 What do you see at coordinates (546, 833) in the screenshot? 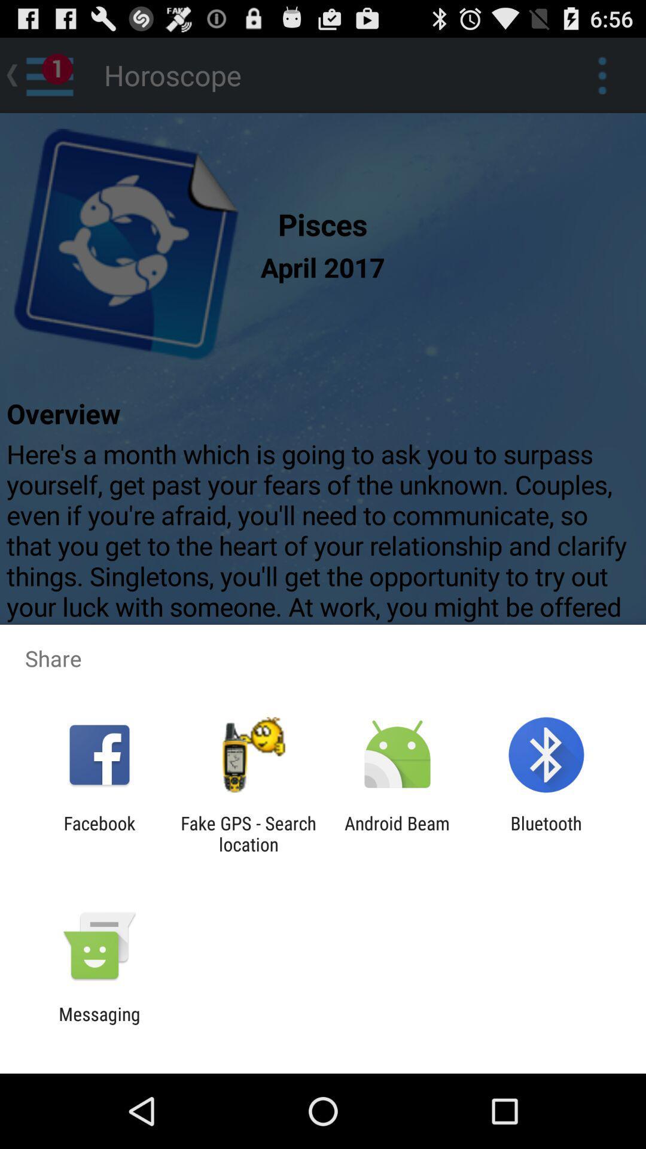
I see `bluetooth app` at bounding box center [546, 833].